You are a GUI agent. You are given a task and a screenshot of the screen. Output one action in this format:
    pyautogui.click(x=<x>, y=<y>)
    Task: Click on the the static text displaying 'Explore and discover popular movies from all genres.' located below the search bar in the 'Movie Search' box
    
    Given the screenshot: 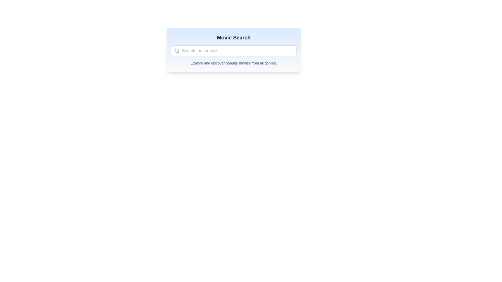 What is the action you would take?
    pyautogui.click(x=233, y=63)
    